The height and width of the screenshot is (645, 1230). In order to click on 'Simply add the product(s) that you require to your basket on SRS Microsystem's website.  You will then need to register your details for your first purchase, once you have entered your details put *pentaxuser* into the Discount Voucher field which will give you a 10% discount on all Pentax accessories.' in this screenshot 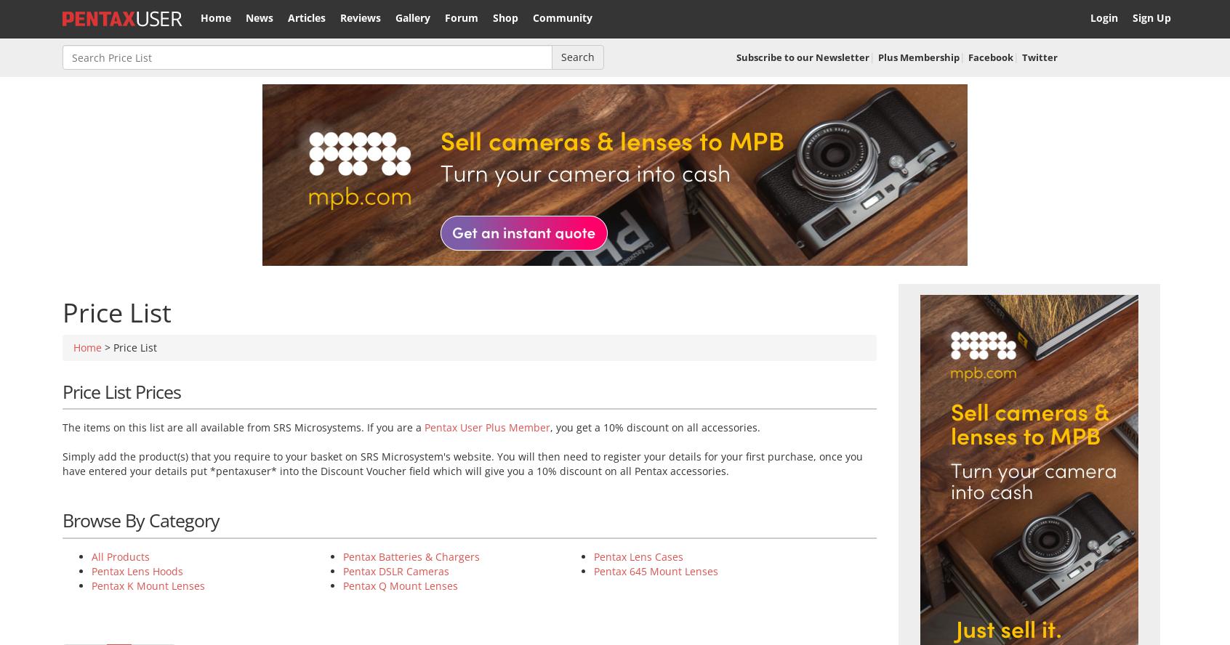, I will do `click(62, 463)`.